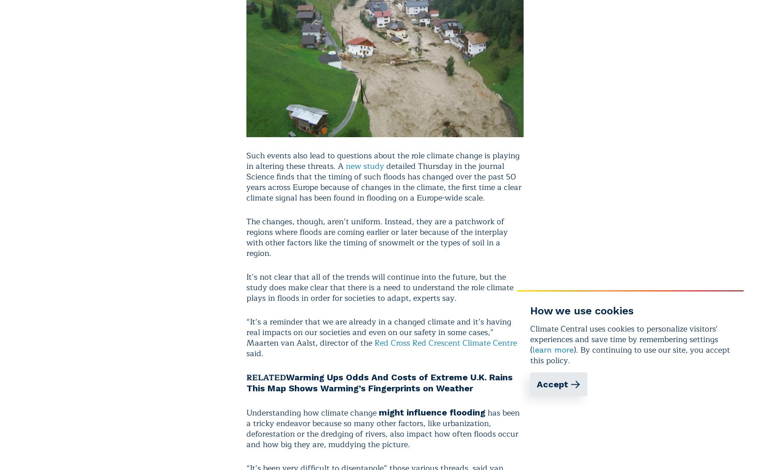 This screenshot has height=470, width=770. I want to click on '). By continuing to use our site, you accept this policy.', so click(630, 355).